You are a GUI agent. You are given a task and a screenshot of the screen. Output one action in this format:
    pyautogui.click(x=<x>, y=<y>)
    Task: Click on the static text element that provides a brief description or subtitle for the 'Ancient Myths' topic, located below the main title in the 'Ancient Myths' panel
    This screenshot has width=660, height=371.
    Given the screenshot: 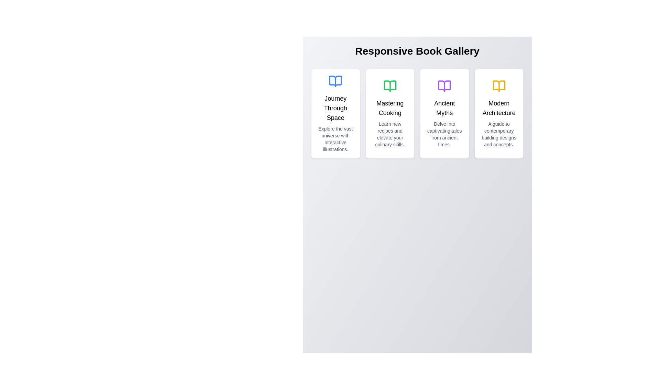 What is the action you would take?
    pyautogui.click(x=444, y=134)
    